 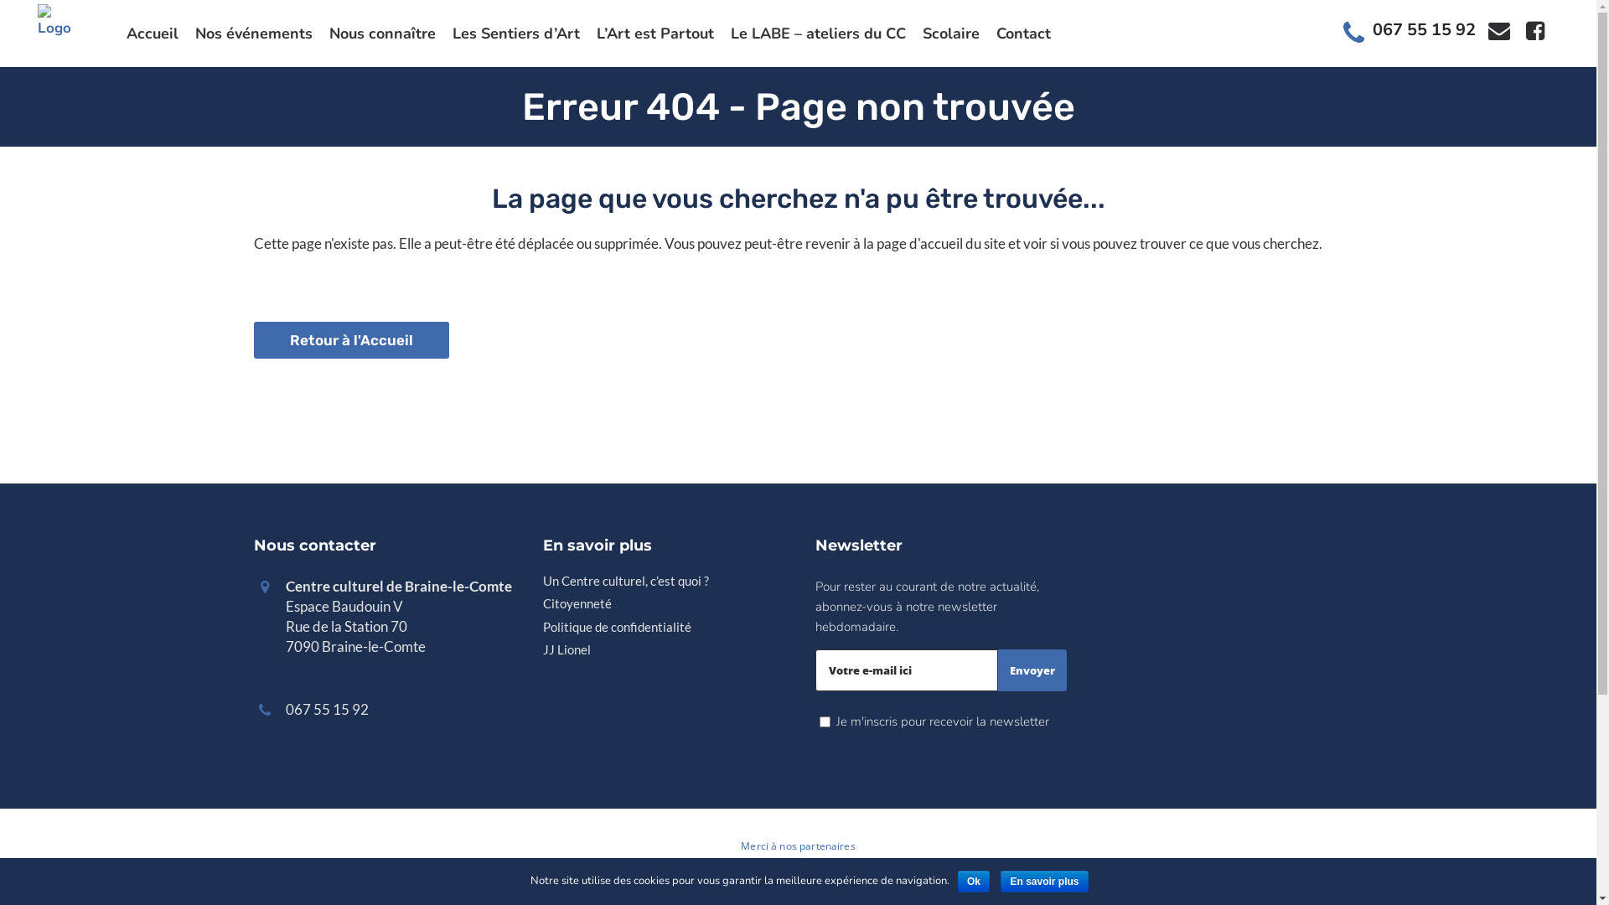 What do you see at coordinates (1423, 29) in the screenshot?
I see `'067 55 15 92'` at bounding box center [1423, 29].